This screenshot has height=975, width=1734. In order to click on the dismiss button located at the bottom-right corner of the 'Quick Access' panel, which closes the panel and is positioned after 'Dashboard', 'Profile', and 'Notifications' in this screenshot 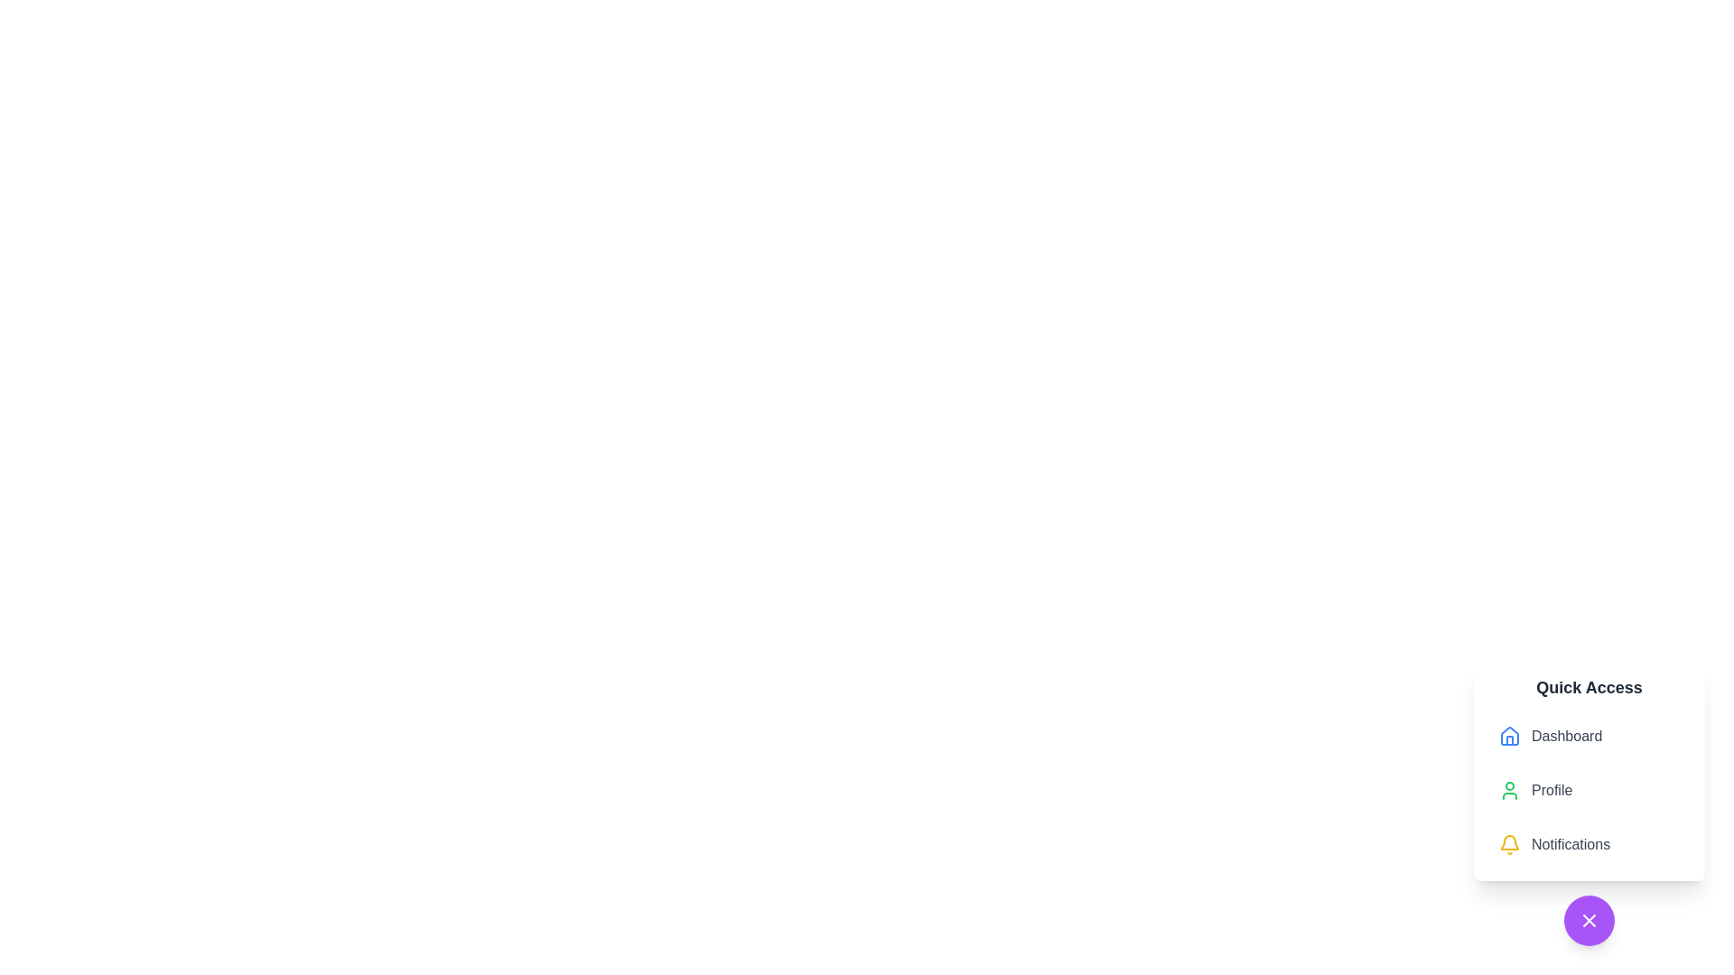, I will do `click(1589, 920)`.